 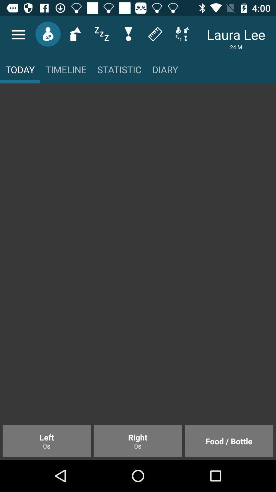 What do you see at coordinates (48, 34) in the screenshot?
I see `the avatar icon` at bounding box center [48, 34].